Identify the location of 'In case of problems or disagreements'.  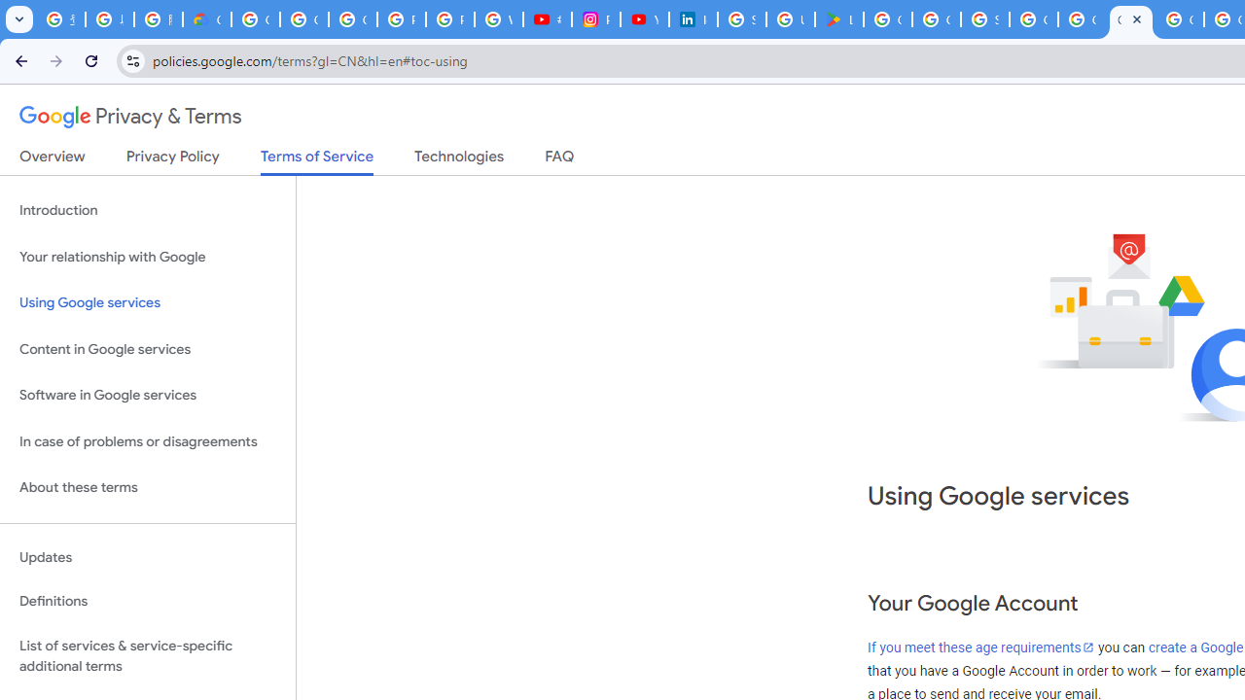
(147, 441).